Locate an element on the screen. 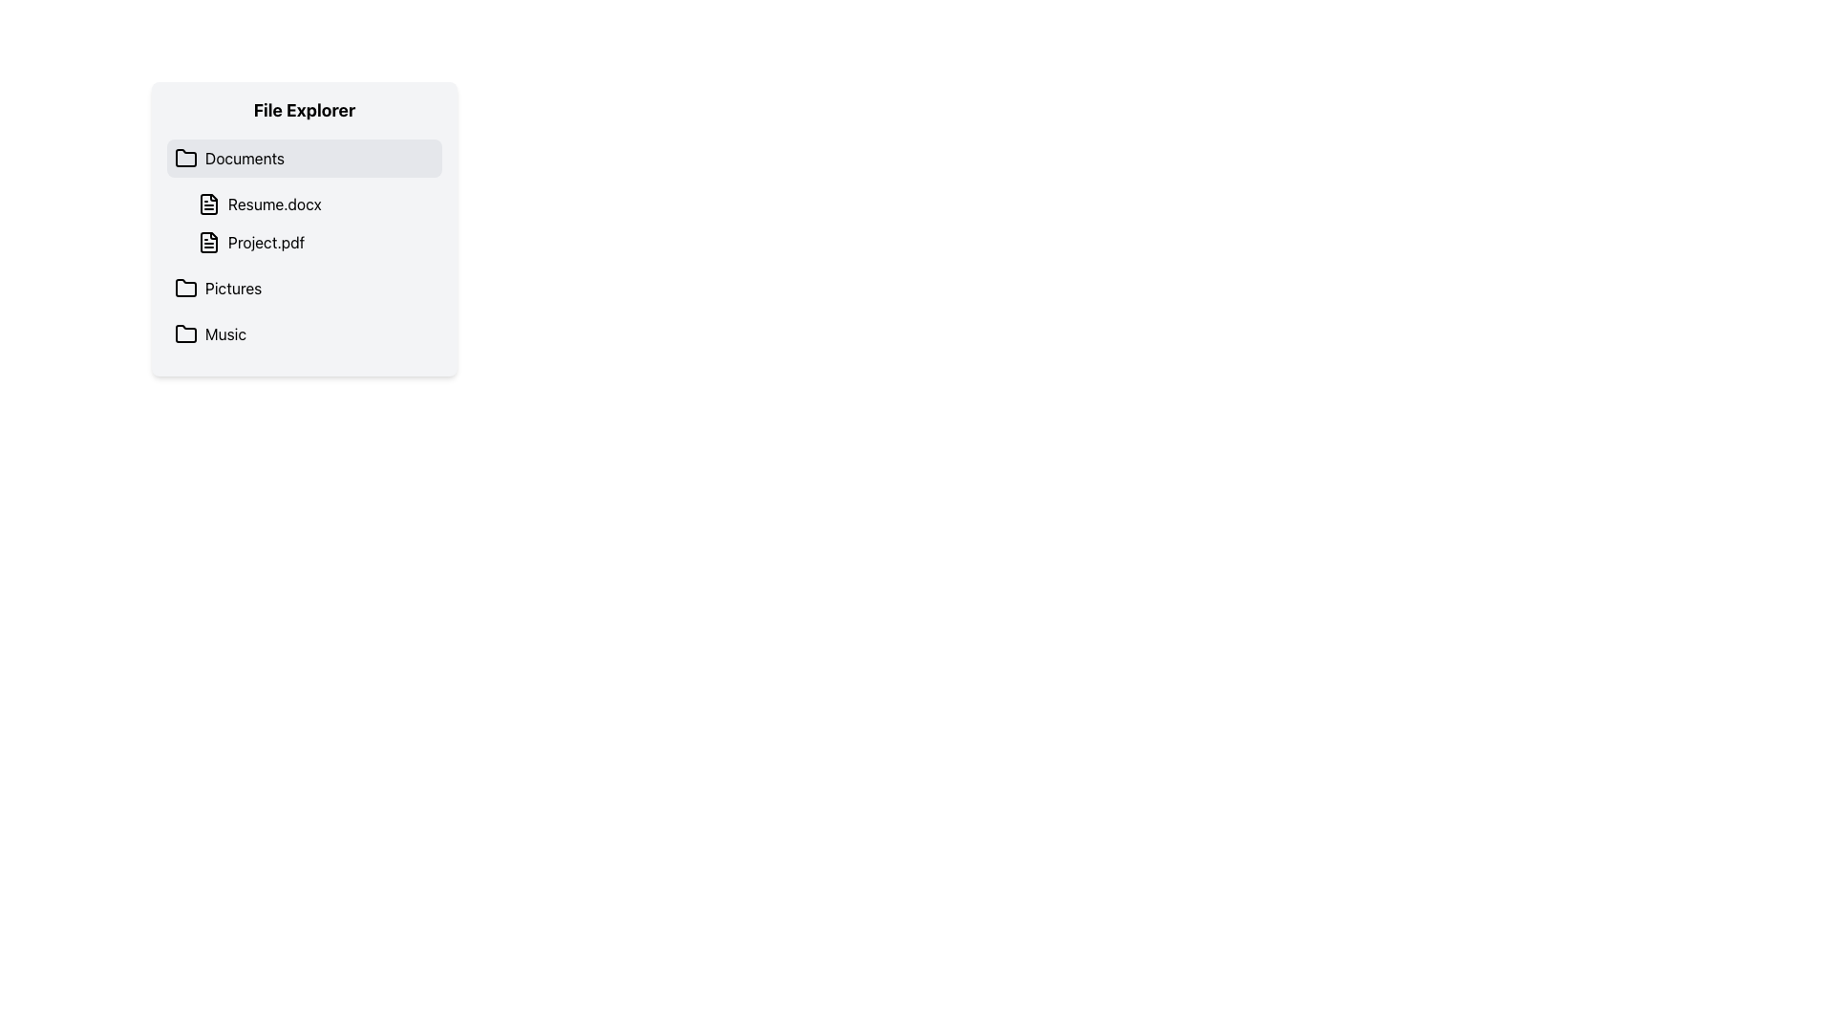 The width and height of the screenshot is (1834, 1032). the 'Music' folder entry in the file explorer is located at coordinates (303, 333).